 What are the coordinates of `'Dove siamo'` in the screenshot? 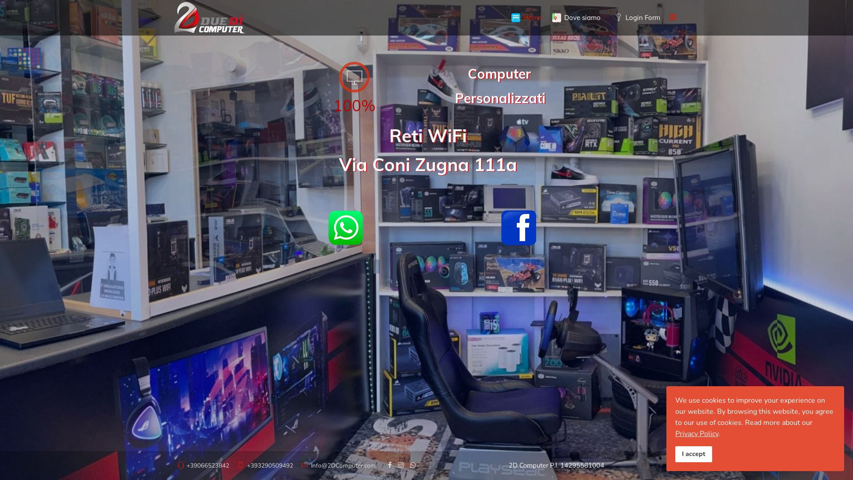 It's located at (546, 17).